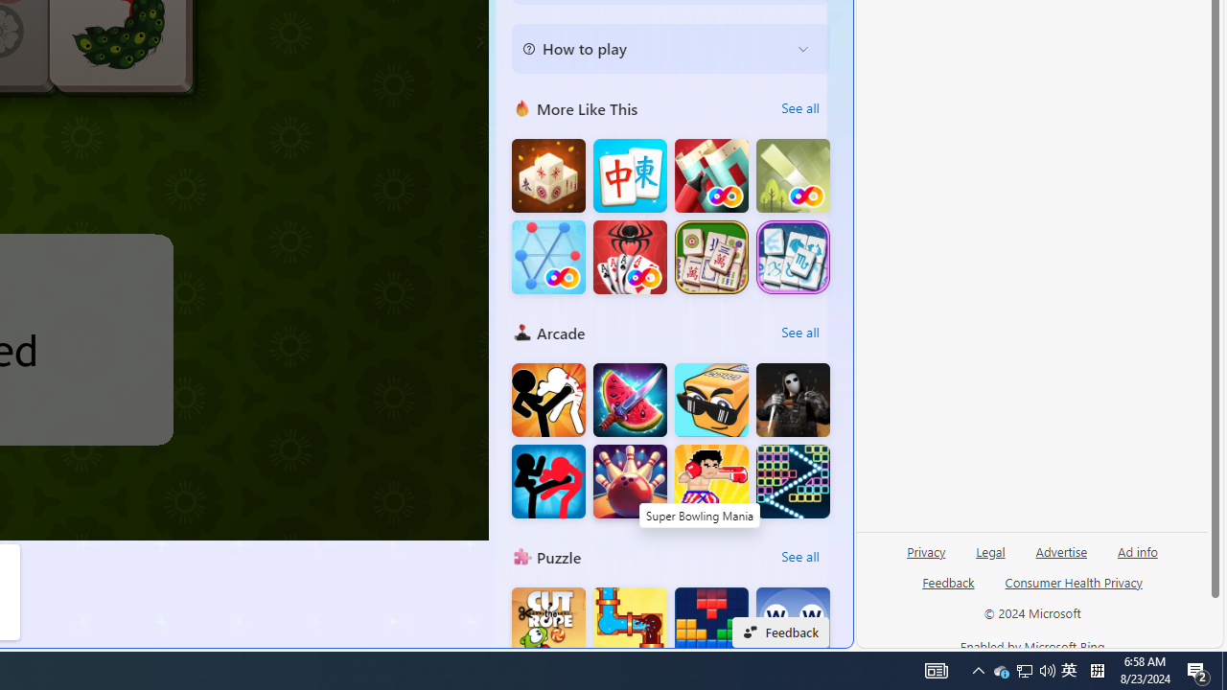  What do you see at coordinates (547, 624) in the screenshot?
I see `'Cut the Rope'` at bounding box center [547, 624].